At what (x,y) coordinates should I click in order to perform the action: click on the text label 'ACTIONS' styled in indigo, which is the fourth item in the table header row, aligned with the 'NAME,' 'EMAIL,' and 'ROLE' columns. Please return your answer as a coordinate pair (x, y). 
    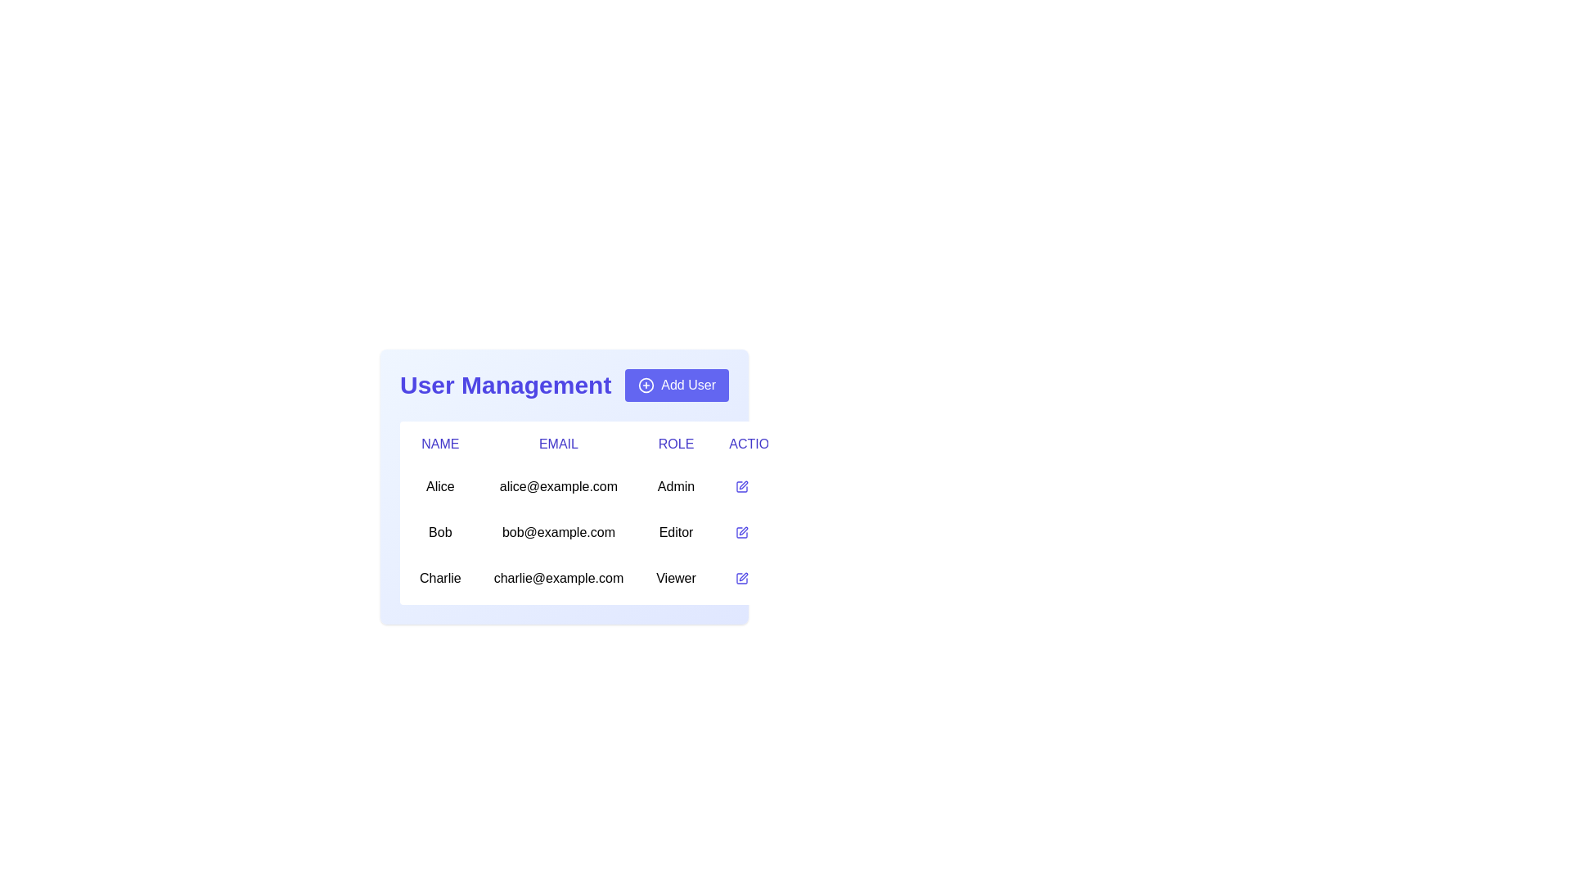
    Looking at the image, I should click on (757, 444).